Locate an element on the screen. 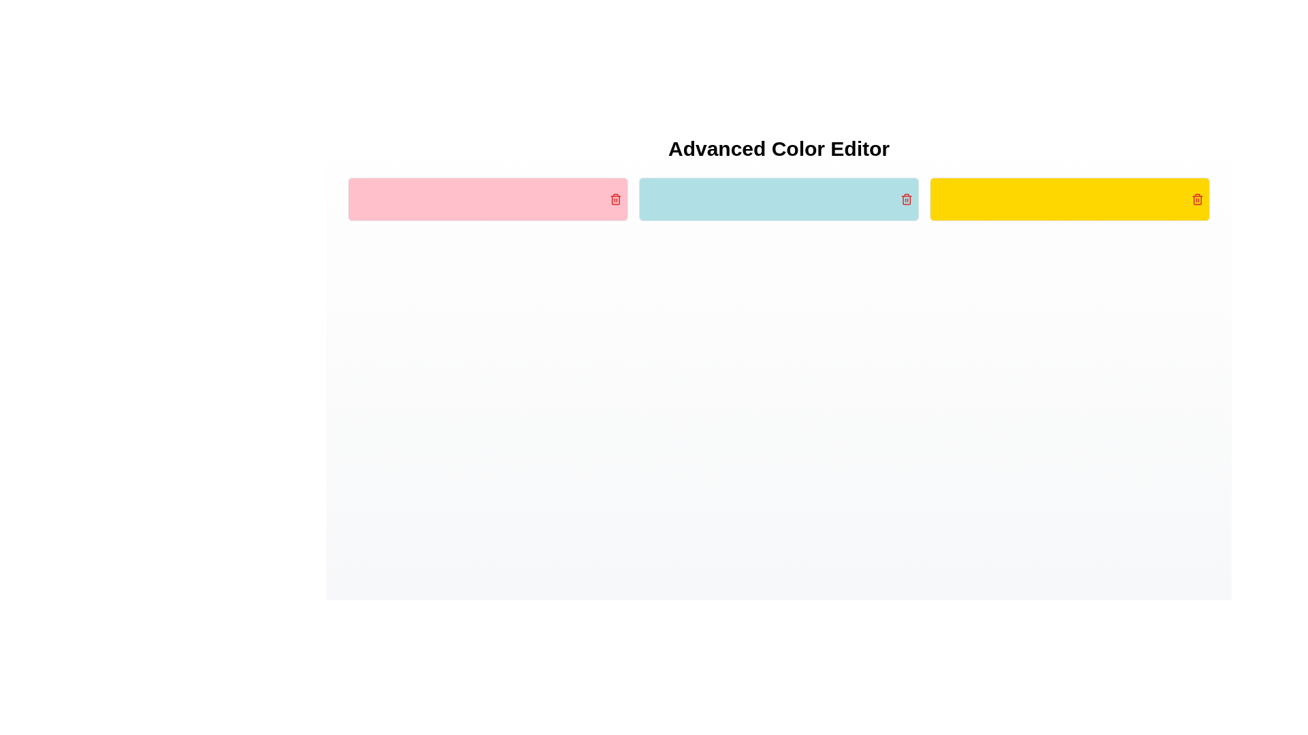  the delete button located at the far right of the yellow rectangular block is located at coordinates (1196, 199).